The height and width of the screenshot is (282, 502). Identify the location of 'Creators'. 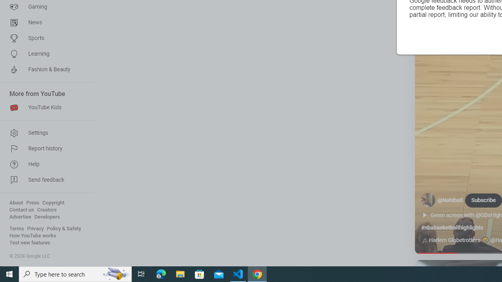
(46, 210).